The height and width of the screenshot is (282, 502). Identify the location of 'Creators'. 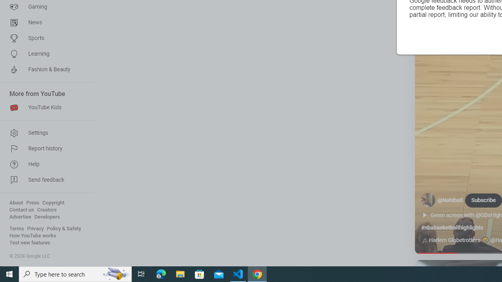
(46, 210).